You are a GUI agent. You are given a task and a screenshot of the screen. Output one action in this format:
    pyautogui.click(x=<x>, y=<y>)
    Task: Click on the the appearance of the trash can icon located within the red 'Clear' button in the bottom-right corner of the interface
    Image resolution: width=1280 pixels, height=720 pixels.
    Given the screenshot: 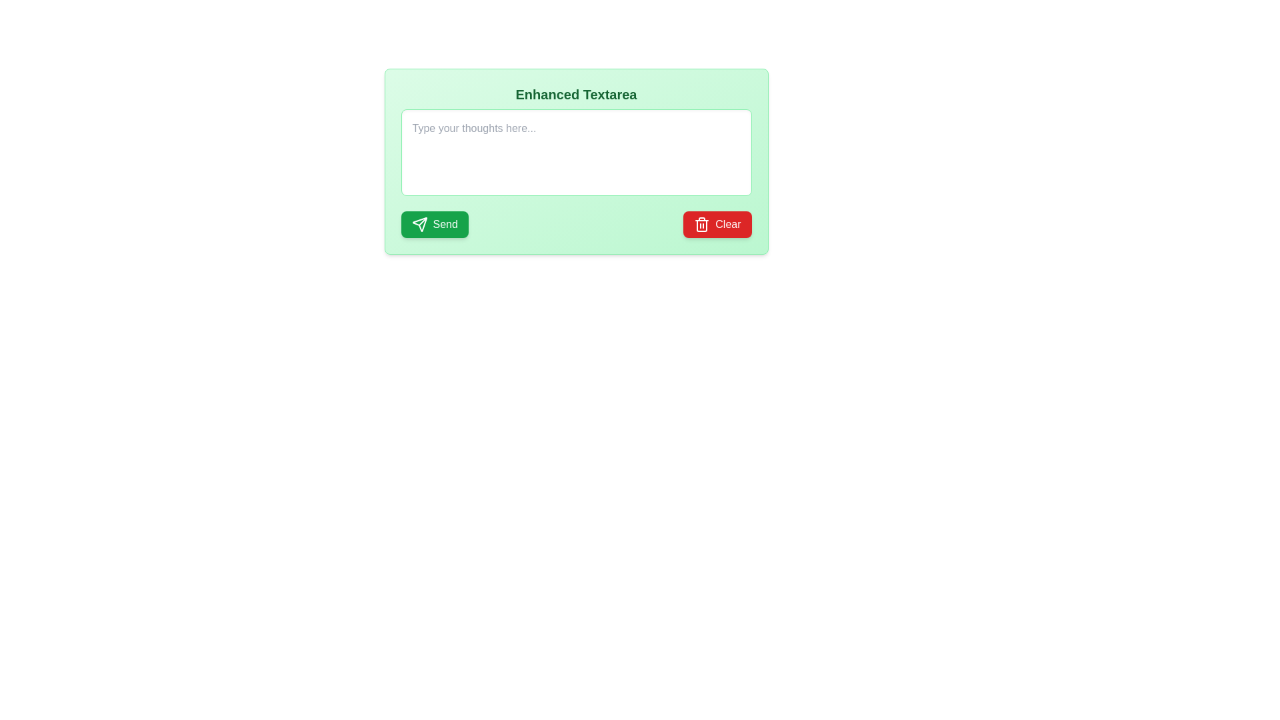 What is the action you would take?
    pyautogui.click(x=701, y=223)
    